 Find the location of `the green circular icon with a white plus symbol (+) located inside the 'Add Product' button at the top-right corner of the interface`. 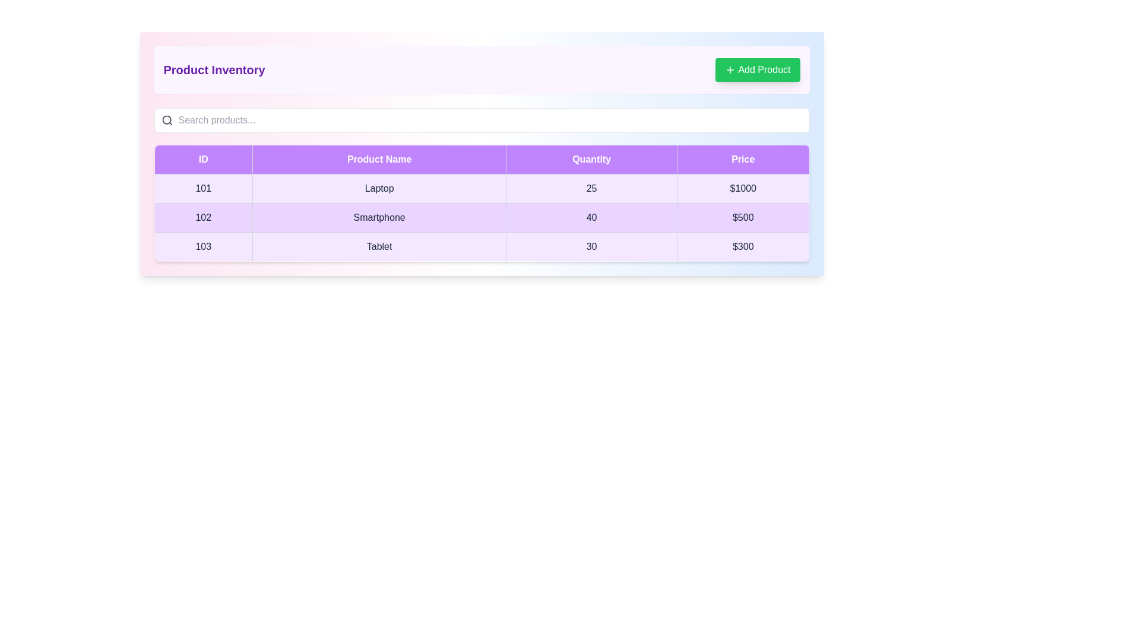

the green circular icon with a white plus symbol (+) located inside the 'Add Product' button at the top-right corner of the interface is located at coordinates (730, 70).